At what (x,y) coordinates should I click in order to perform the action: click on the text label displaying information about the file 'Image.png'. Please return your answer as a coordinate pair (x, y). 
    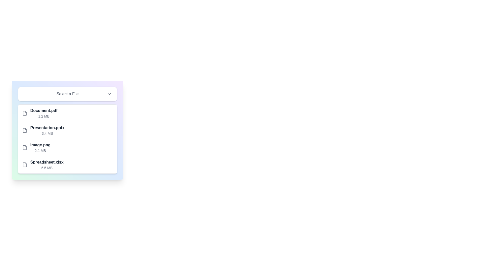
    Looking at the image, I should click on (40, 147).